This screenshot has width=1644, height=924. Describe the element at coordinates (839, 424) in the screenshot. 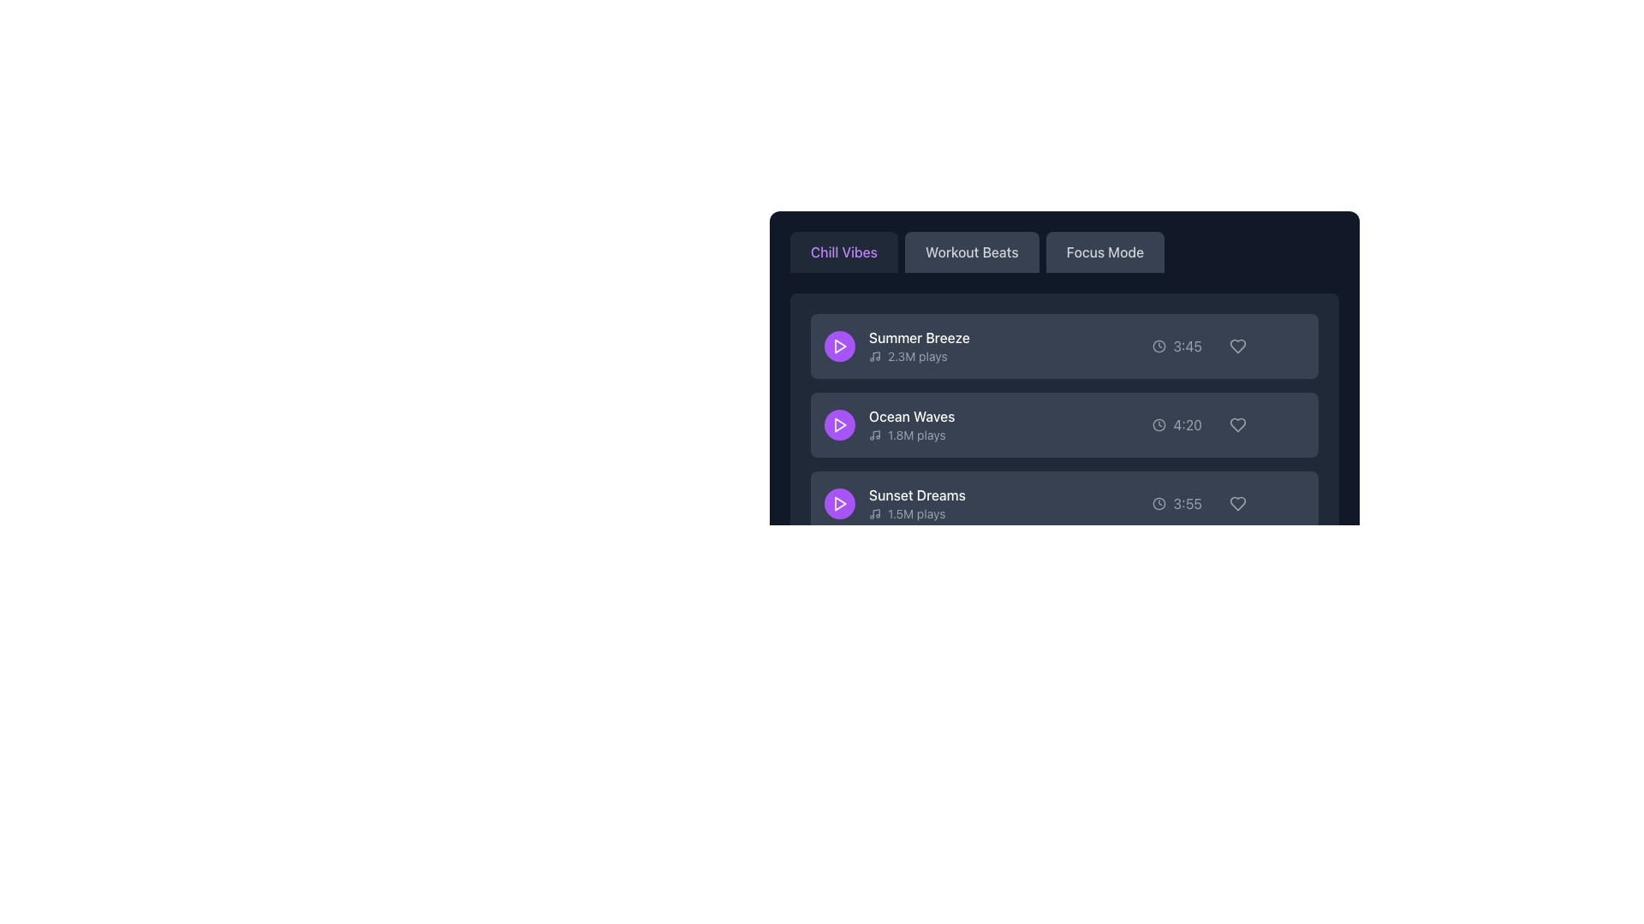

I see `the play button with a purple circular background and white triangular play icon, located to the left of the text 'Ocean Waves' and '1.8M plays' in the second row of the playlist interface to play the track` at that location.